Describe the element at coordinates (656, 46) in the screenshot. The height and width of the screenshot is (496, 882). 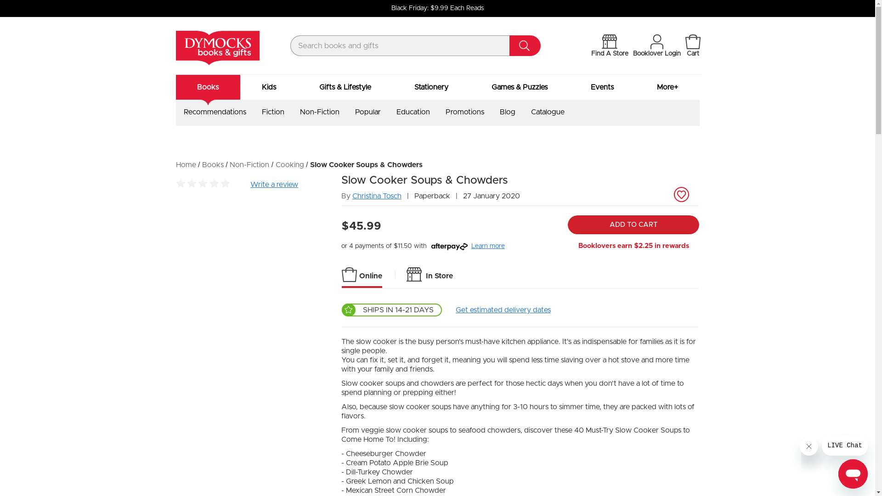
I see `'Booklover Login'` at that location.